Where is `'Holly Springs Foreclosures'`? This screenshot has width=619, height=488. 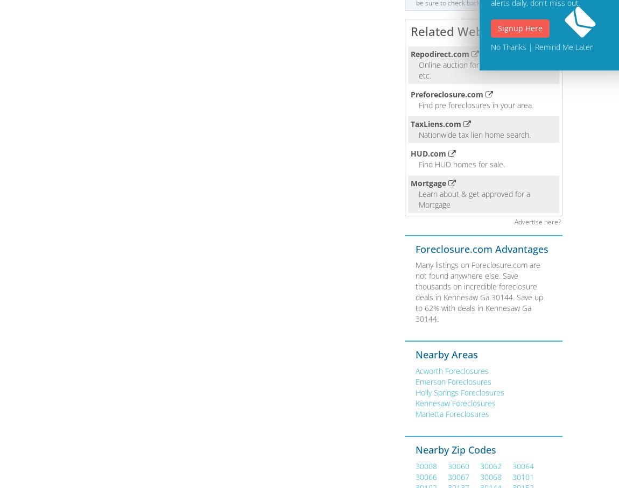
'Holly Springs Foreclosures' is located at coordinates (459, 392).